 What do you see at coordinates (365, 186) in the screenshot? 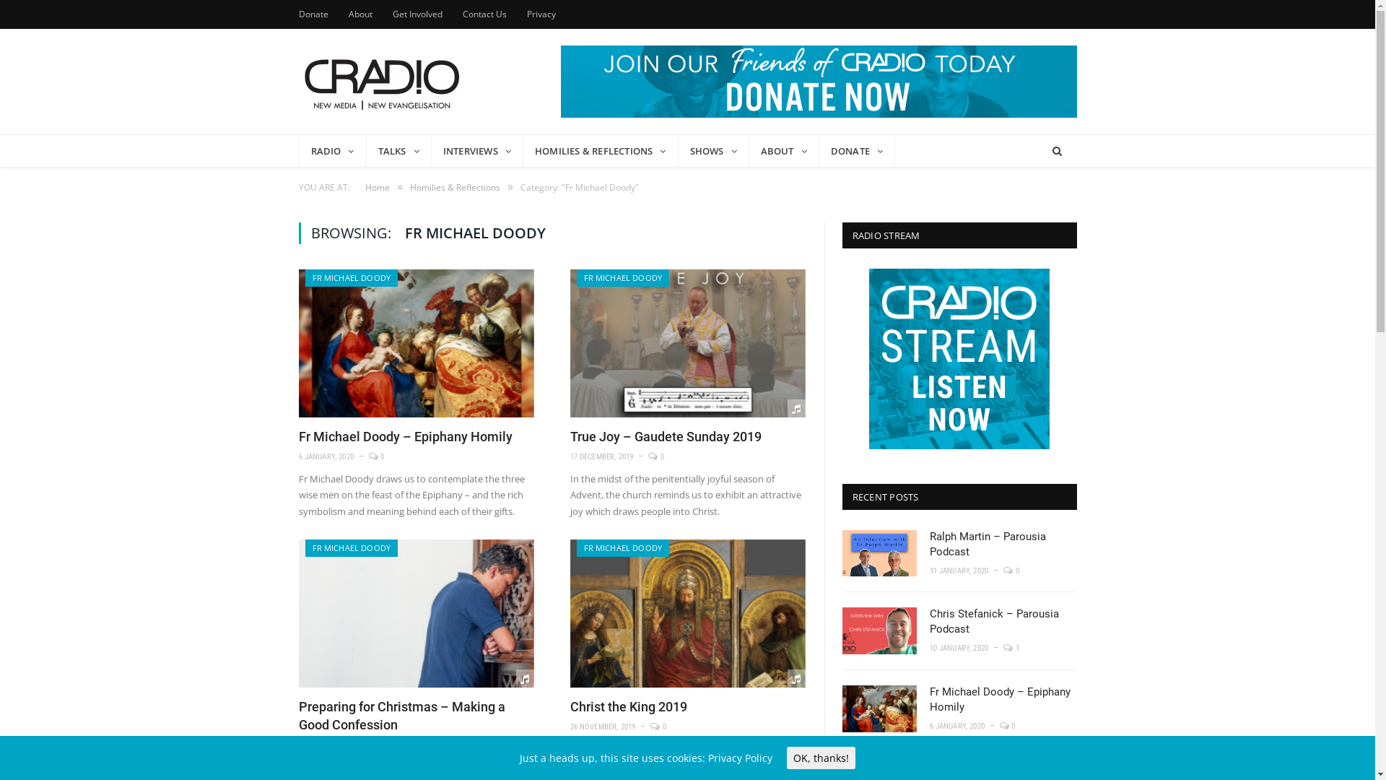
I see `'Home'` at bounding box center [365, 186].